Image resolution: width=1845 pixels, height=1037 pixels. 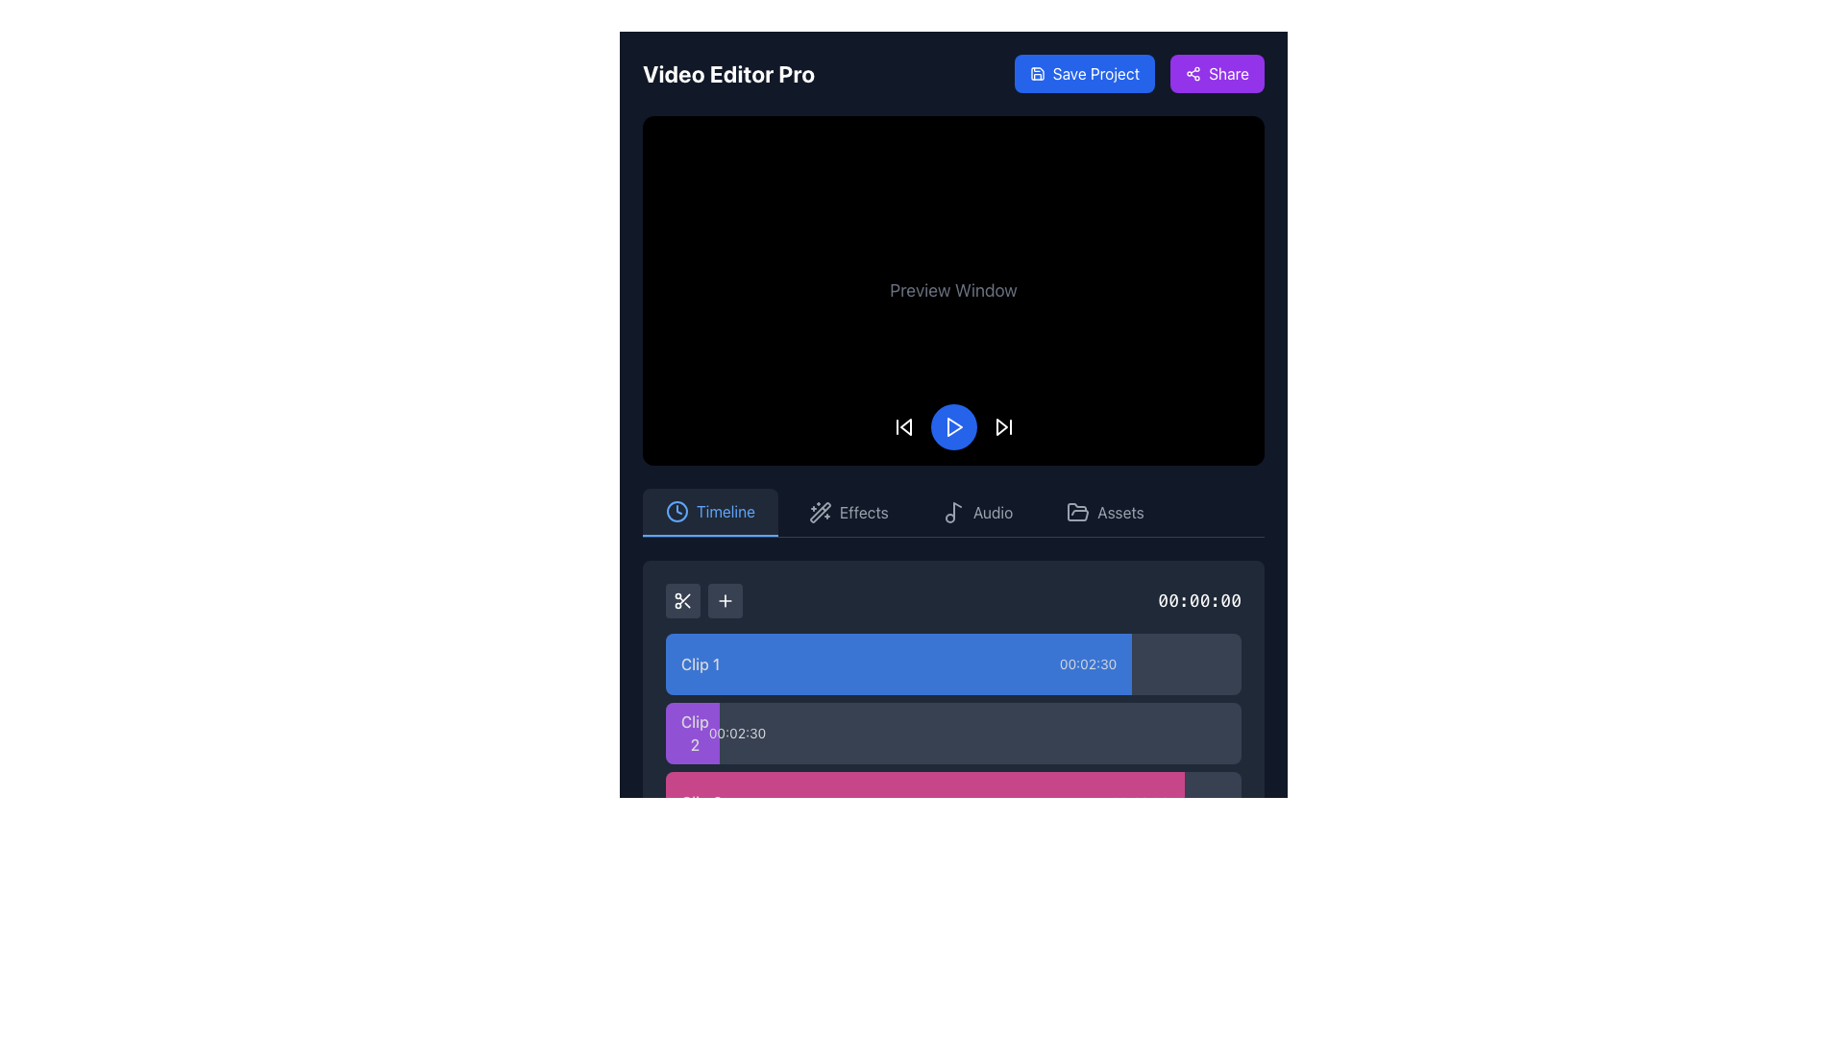 I want to click on the music note icon representing the 'Audio' section, so click(x=953, y=511).